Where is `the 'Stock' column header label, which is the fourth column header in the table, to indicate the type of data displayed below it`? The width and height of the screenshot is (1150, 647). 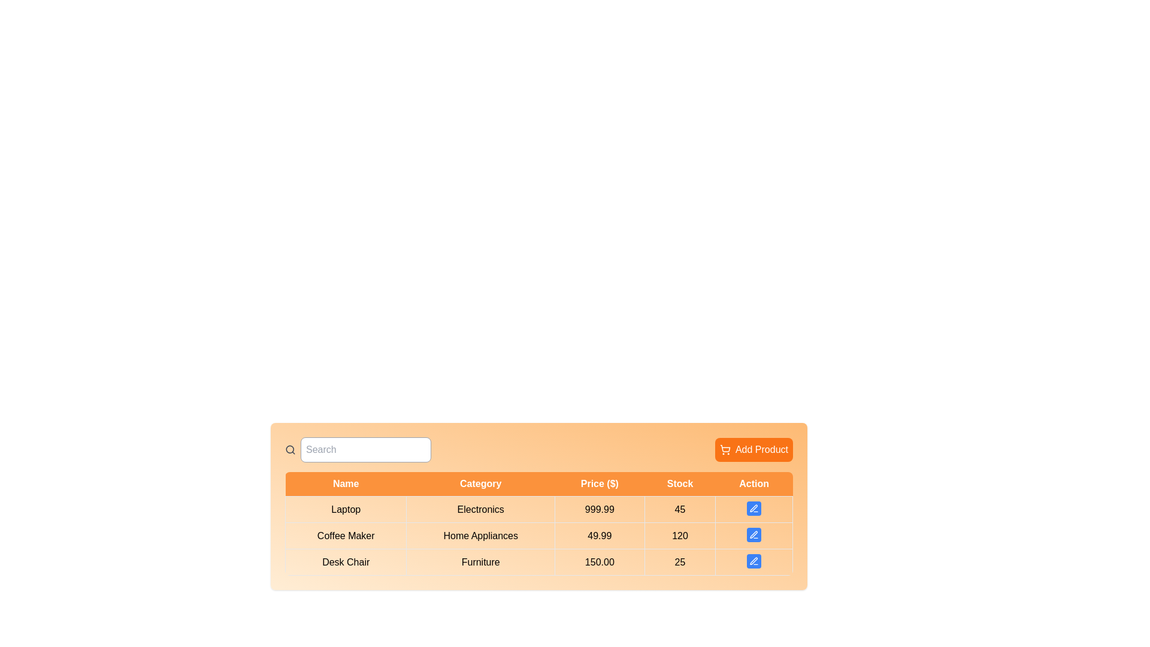 the 'Stock' column header label, which is the fourth column header in the table, to indicate the type of data displayed below it is located at coordinates (680, 483).